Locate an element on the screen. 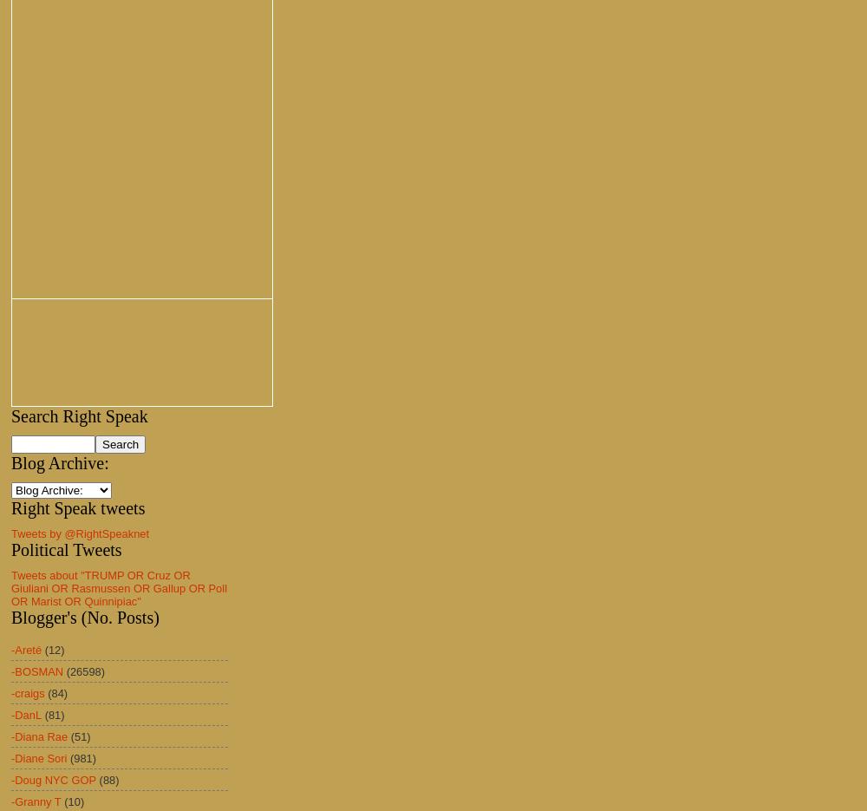 The width and height of the screenshot is (867, 811). 'Search Right Speak' is located at coordinates (78, 416).